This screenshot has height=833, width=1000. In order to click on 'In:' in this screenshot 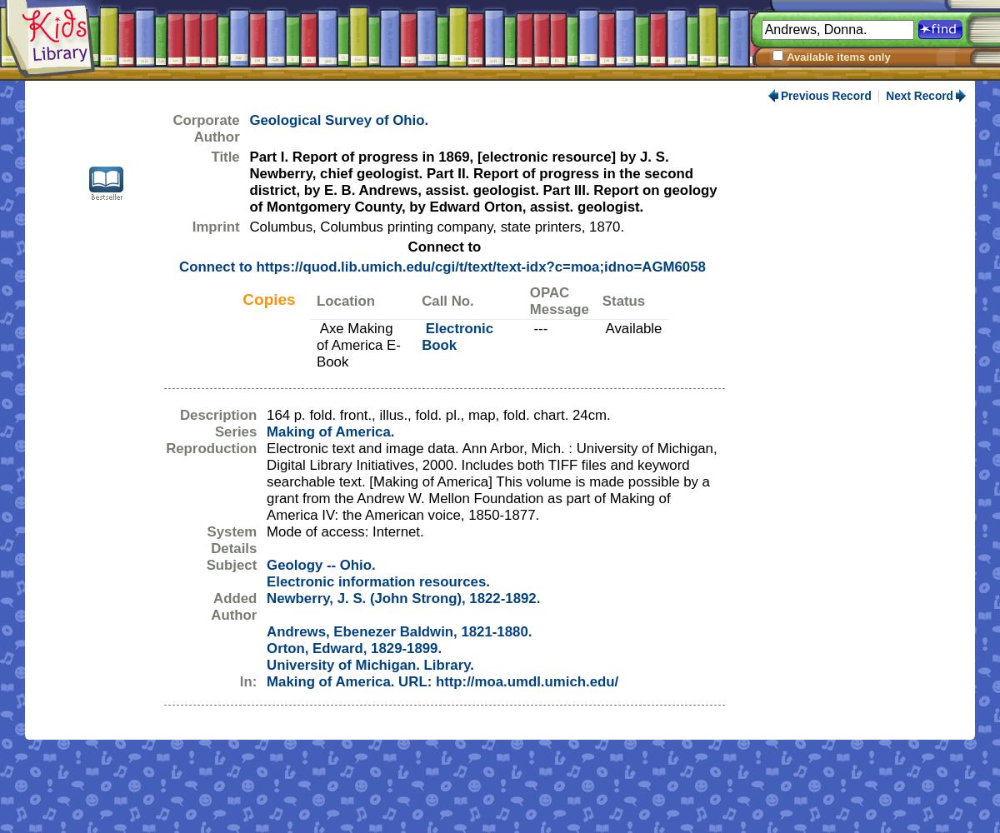, I will do `click(247, 681)`.